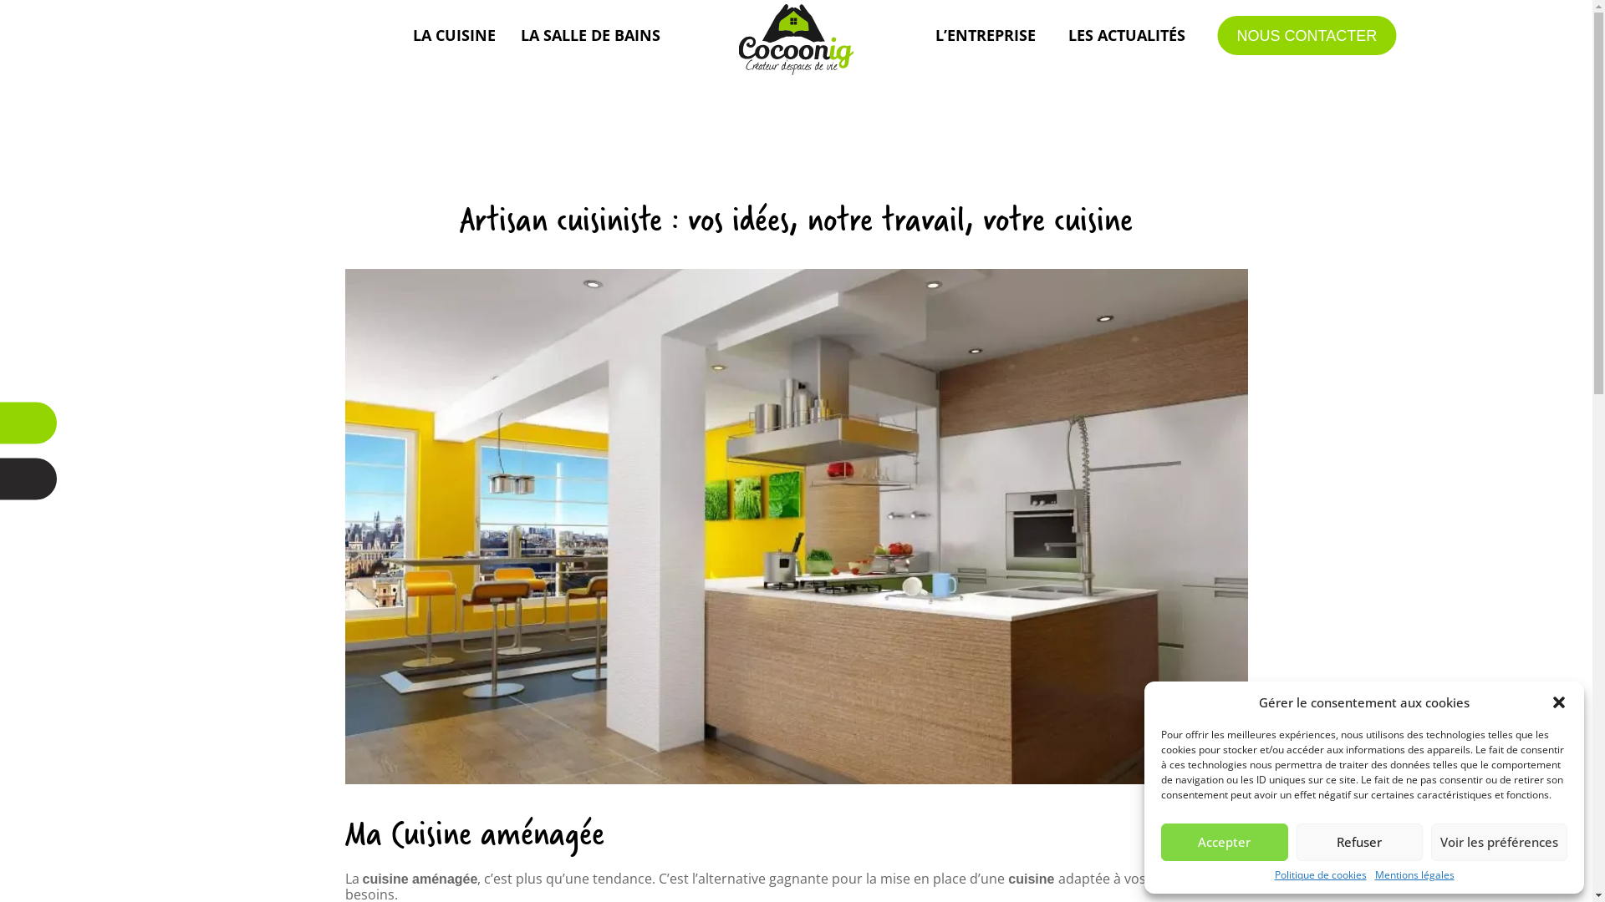 The image size is (1605, 902). I want to click on 'Refuser', so click(1359, 842).